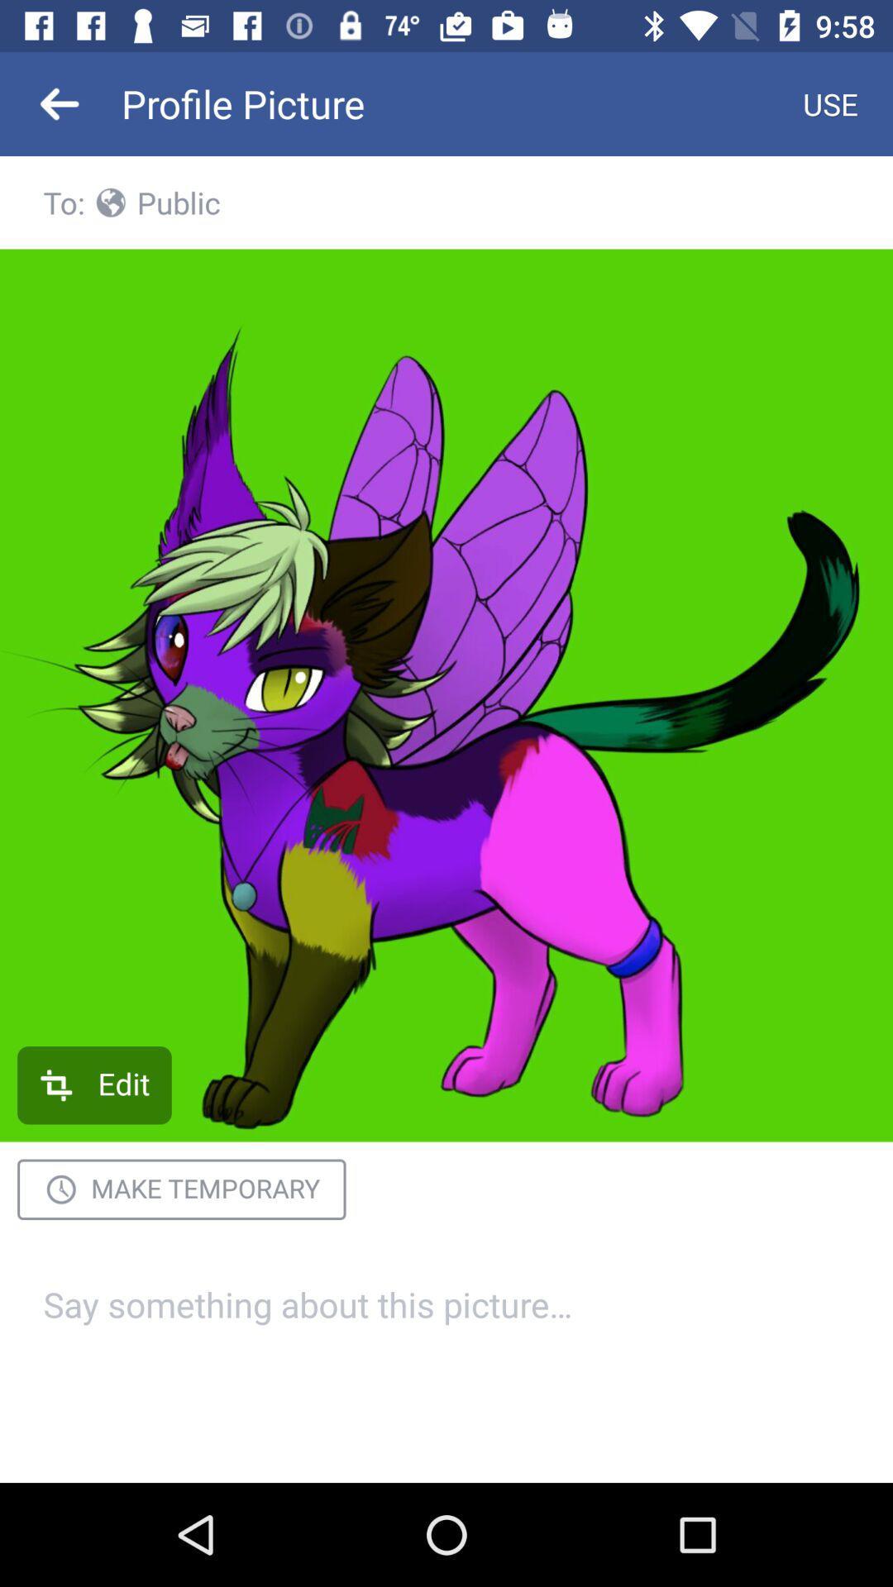  What do you see at coordinates (446, 1324) in the screenshot?
I see `the icon below make temporary icon` at bounding box center [446, 1324].